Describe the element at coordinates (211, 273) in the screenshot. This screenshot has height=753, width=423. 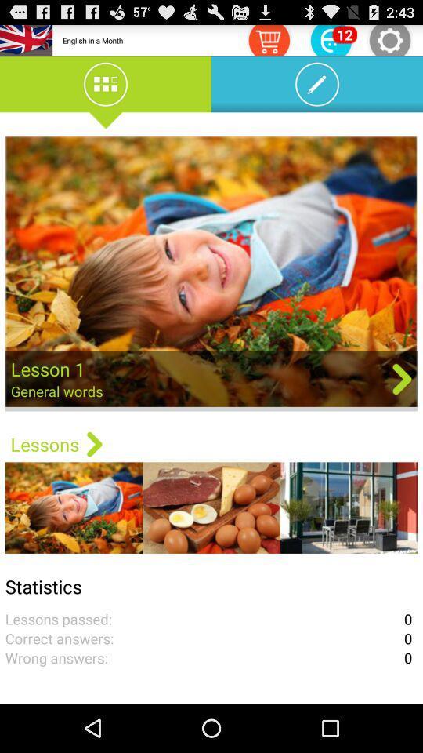
I see `advertisement` at that location.